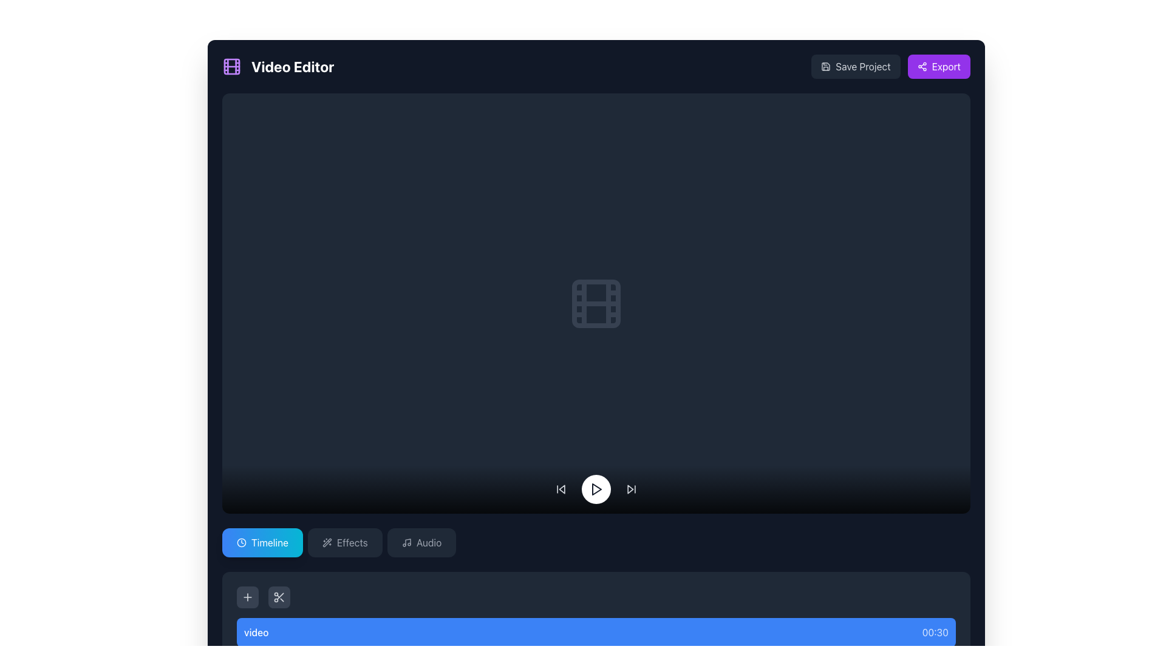  I want to click on the audio management button located in the lower portion of the video editor interface, to the right of the 'Effects' button, to change its coloration indicating interactivity, so click(421, 542).